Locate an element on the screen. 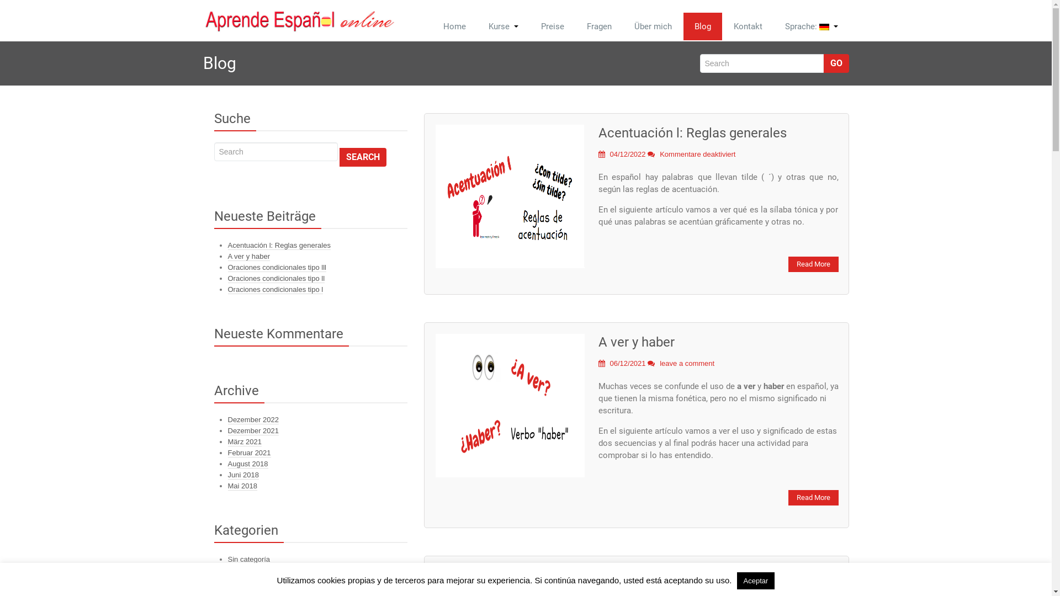 This screenshot has height=596, width=1060. 'Search' is located at coordinates (363, 157).